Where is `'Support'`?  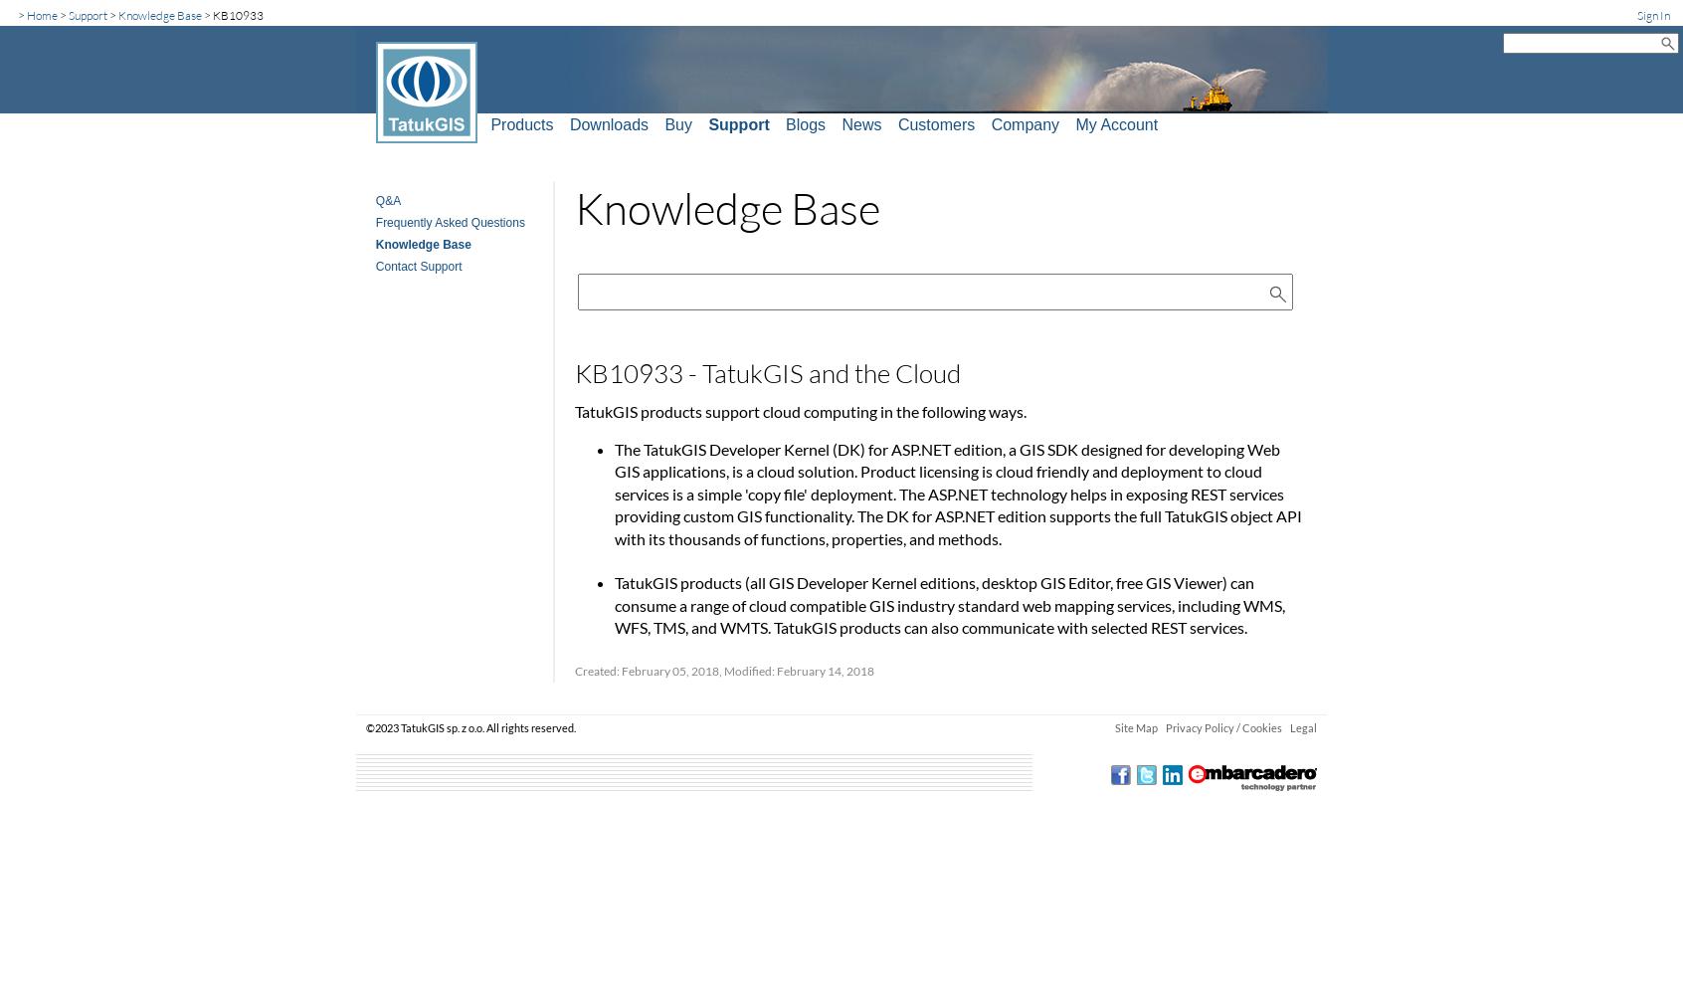 'Support' is located at coordinates (88, 14).